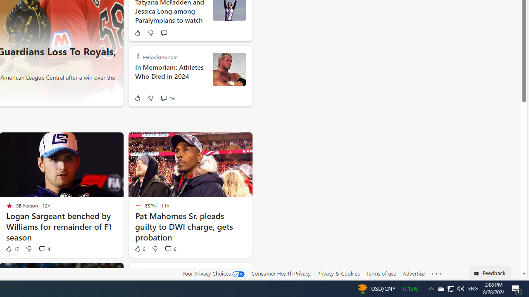 The image size is (529, 297). What do you see at coordinates (138, 56) in the screenshot?
I see `'Periodismo.com'` at bounding box center [138, 56].